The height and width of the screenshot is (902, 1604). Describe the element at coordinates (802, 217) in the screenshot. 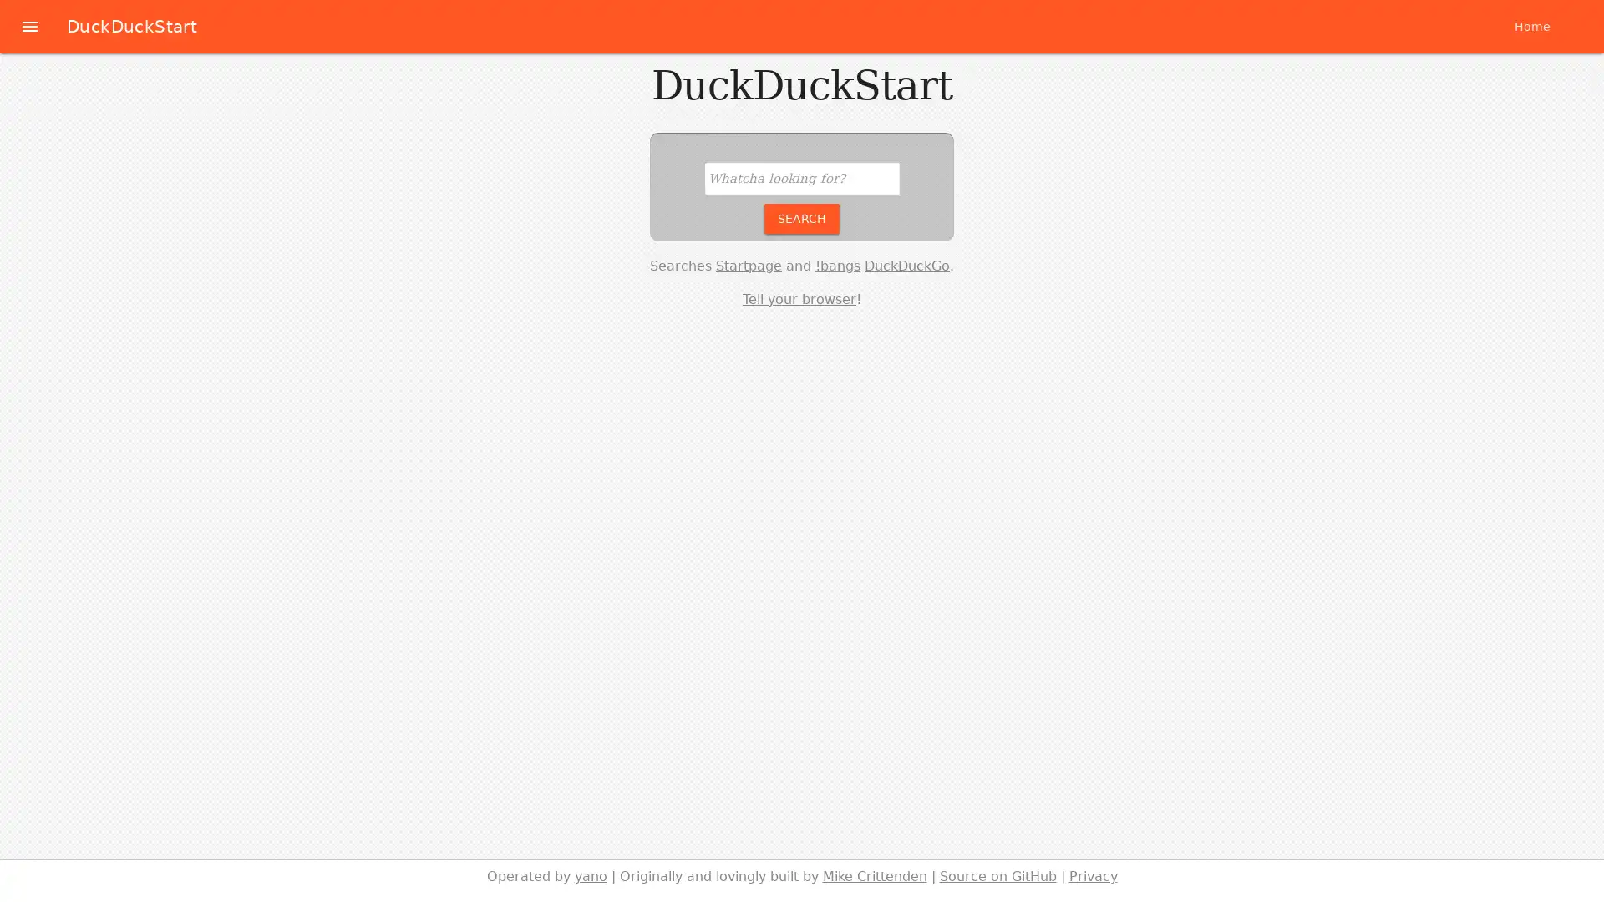

I see `SEARCH` at that location.